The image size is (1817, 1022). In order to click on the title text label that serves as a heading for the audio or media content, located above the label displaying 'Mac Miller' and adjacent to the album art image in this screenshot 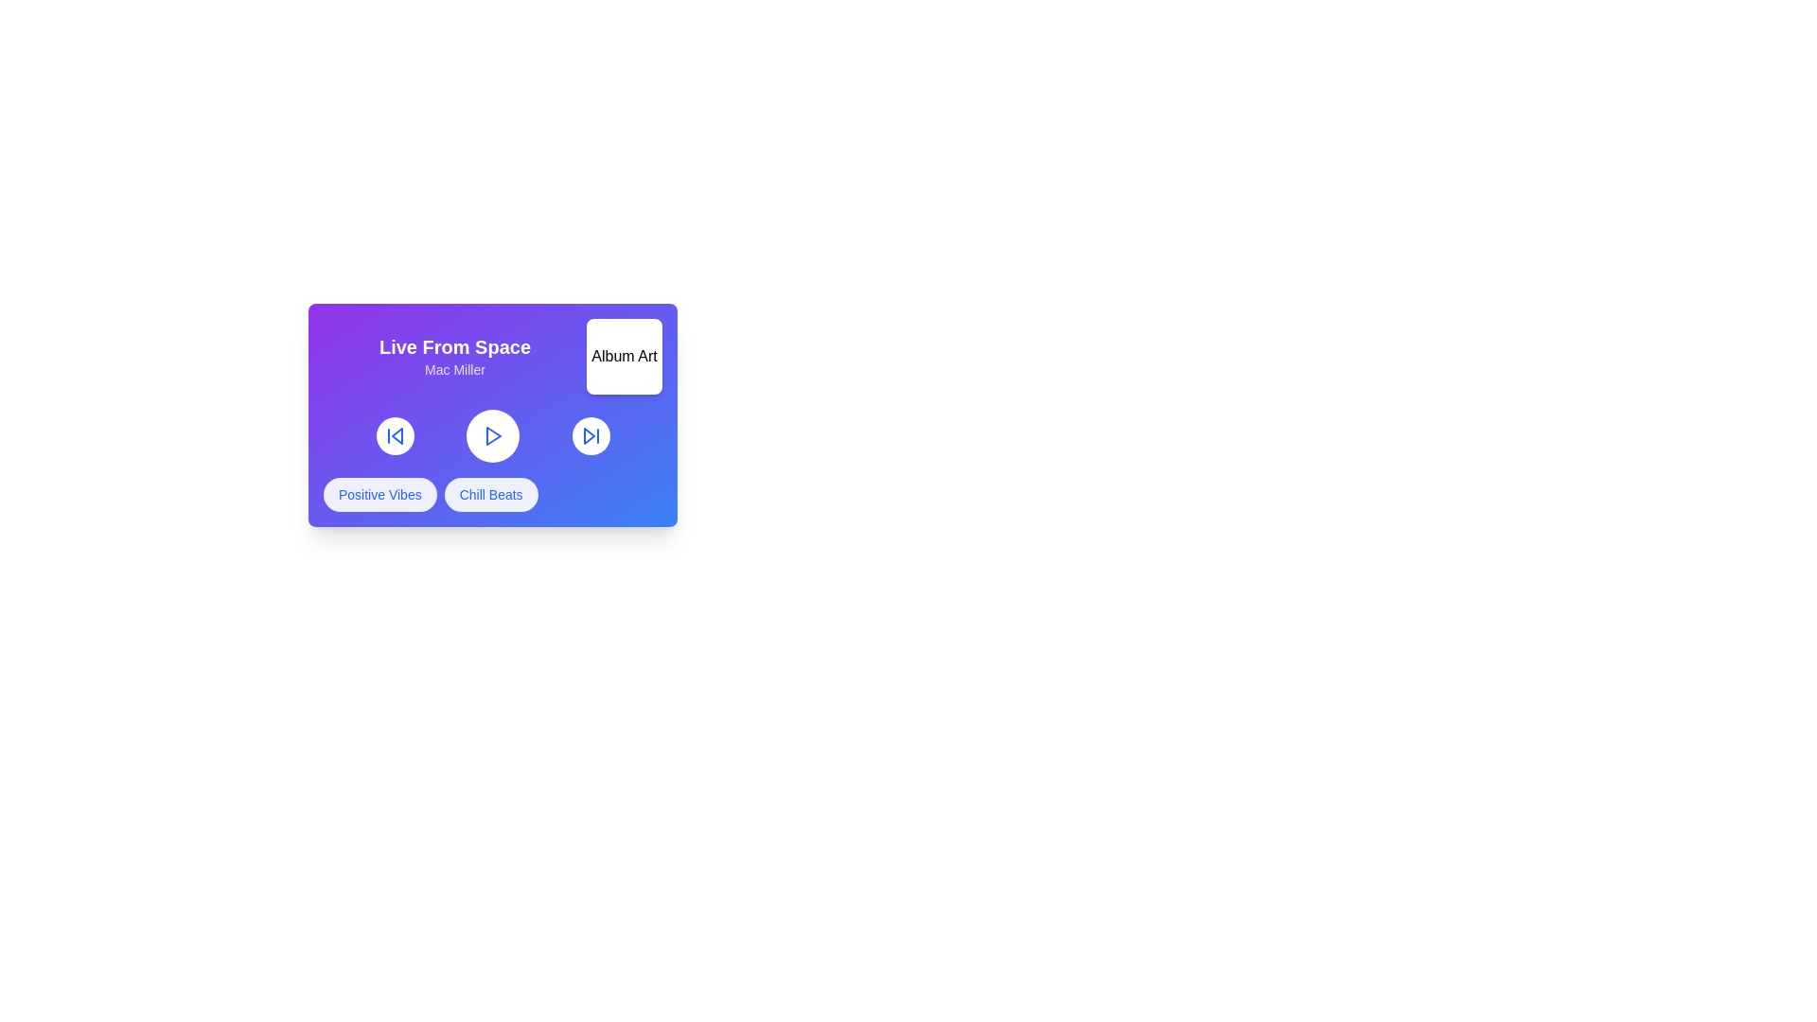, I will do `click(454, 346)`.